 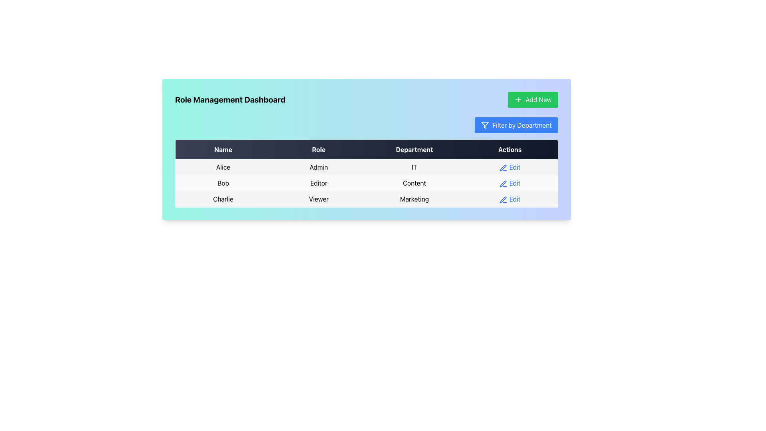 What do you see at coordinates (223, 183) in the screenshot?
I see `the static text element displaying the name 'Bob' located in the second row and first column of the table under the 'Name' header` at bounding box center [223, 183].